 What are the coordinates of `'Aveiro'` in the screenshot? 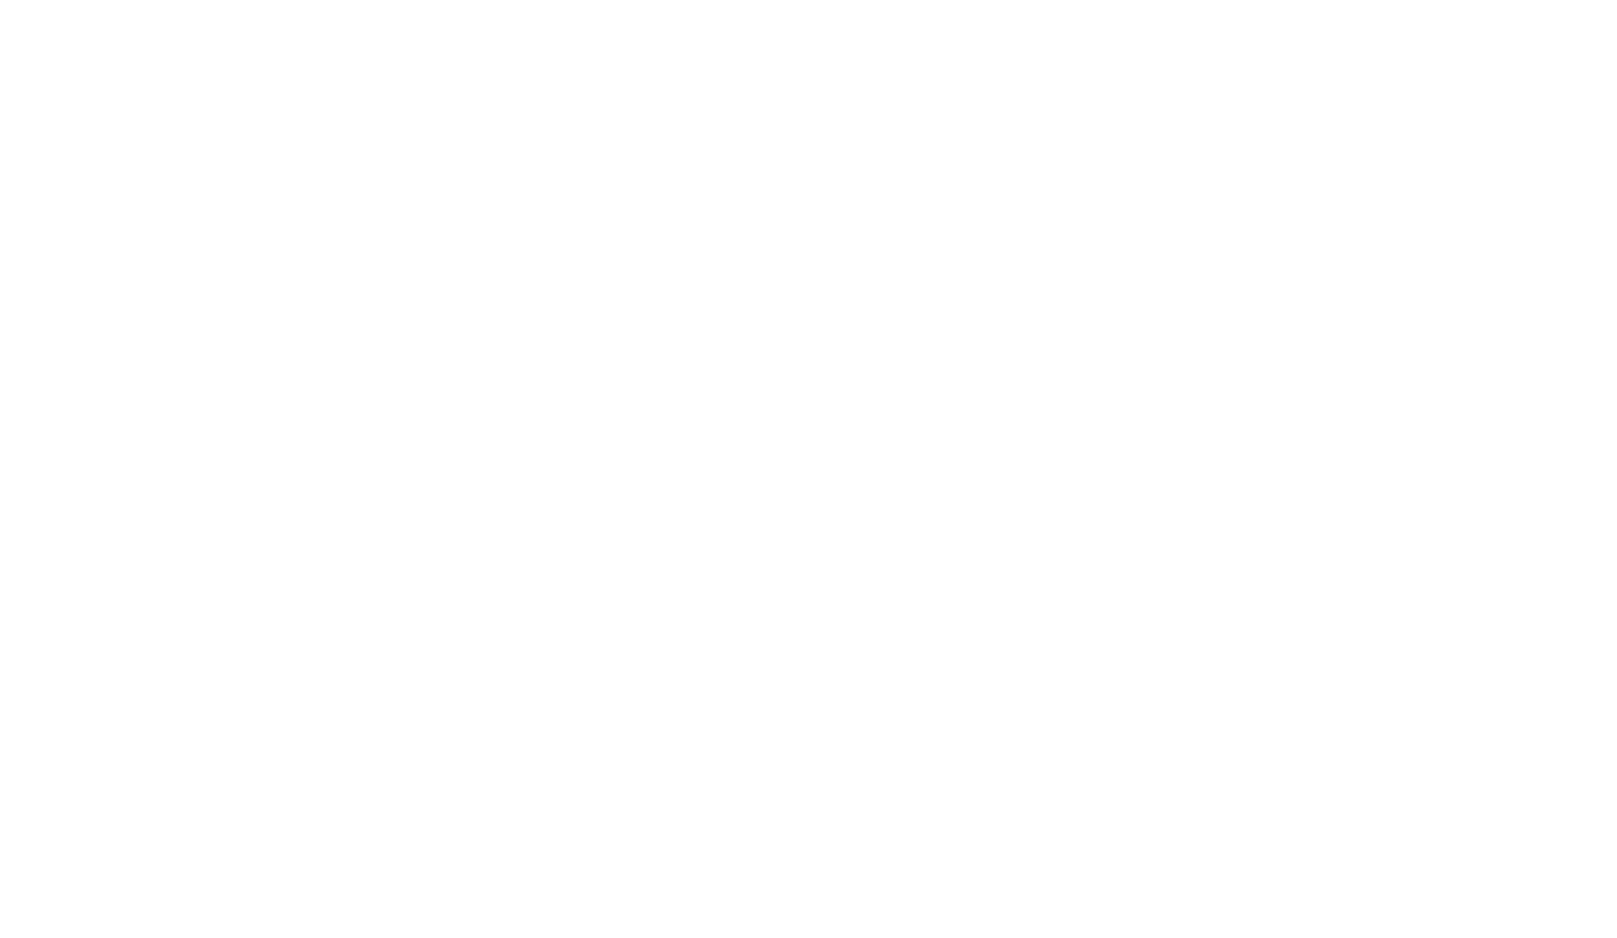 It's located at (1226, 24).